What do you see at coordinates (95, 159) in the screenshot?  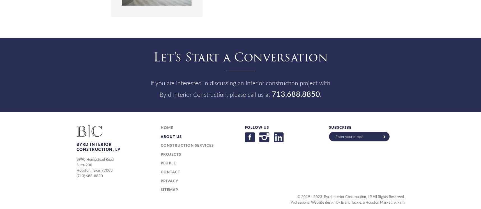 I see `'8990 Hempstead Road'` at bounding box center [95, 159].